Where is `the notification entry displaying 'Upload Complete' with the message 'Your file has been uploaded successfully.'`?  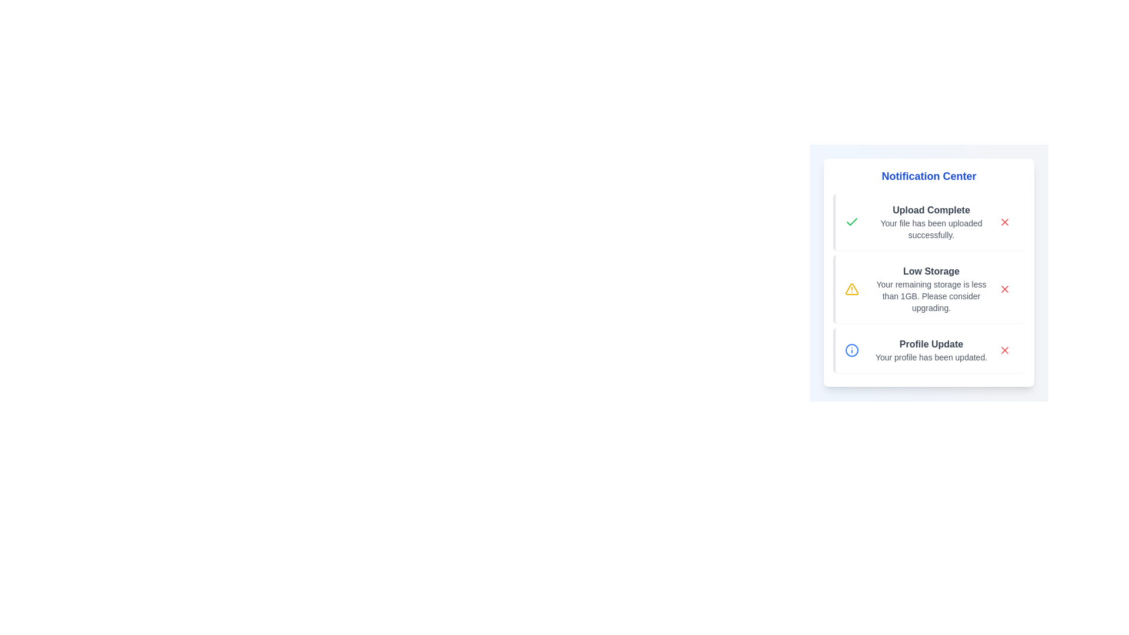 the notification entry displaying 'Upload Complete' with the message 'Your file has been uploaded successfully.' is located at coordinates (931, 222).